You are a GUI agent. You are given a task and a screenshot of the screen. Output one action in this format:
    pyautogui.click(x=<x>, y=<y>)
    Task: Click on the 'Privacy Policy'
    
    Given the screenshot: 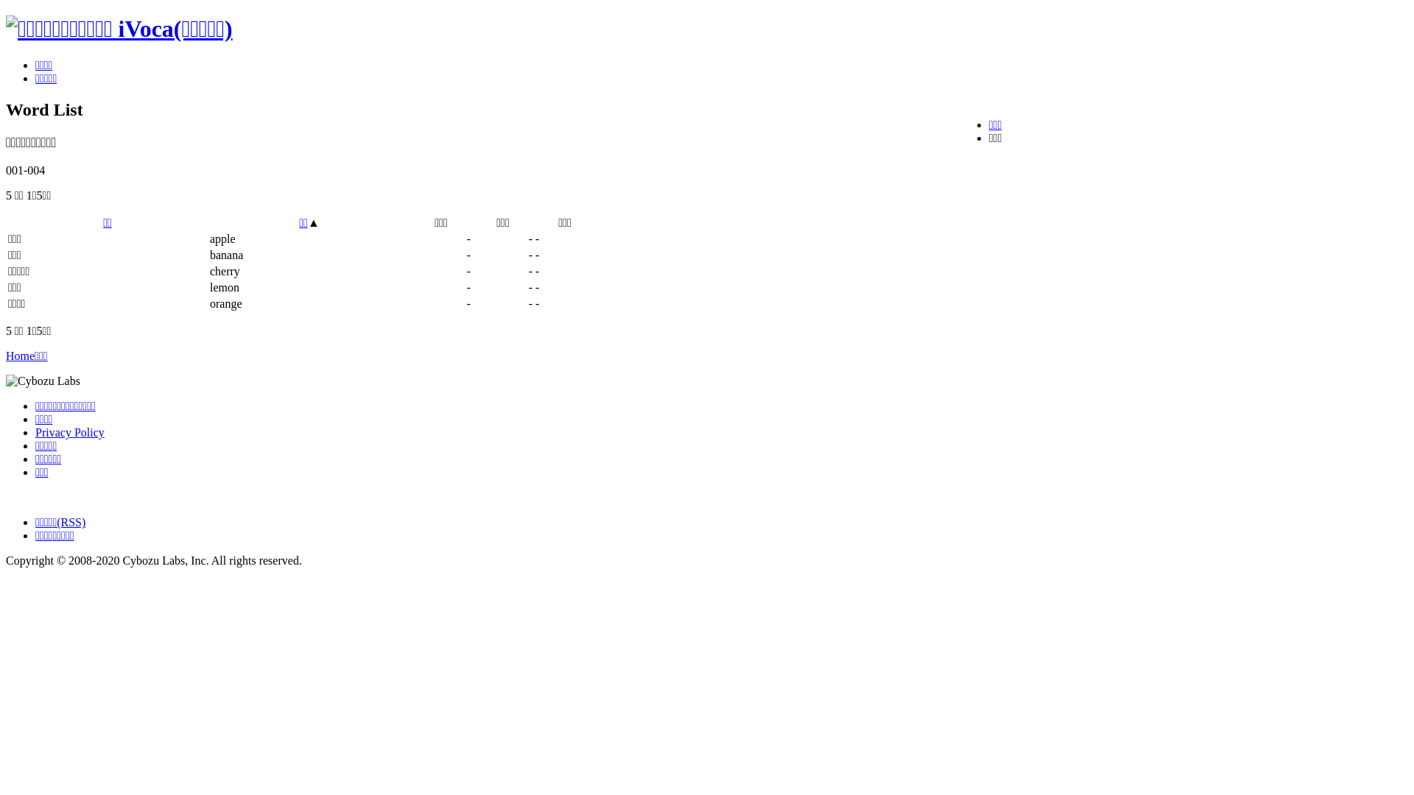 What is the action you would take?
    pyautogui.click(x=35, y=431)
    